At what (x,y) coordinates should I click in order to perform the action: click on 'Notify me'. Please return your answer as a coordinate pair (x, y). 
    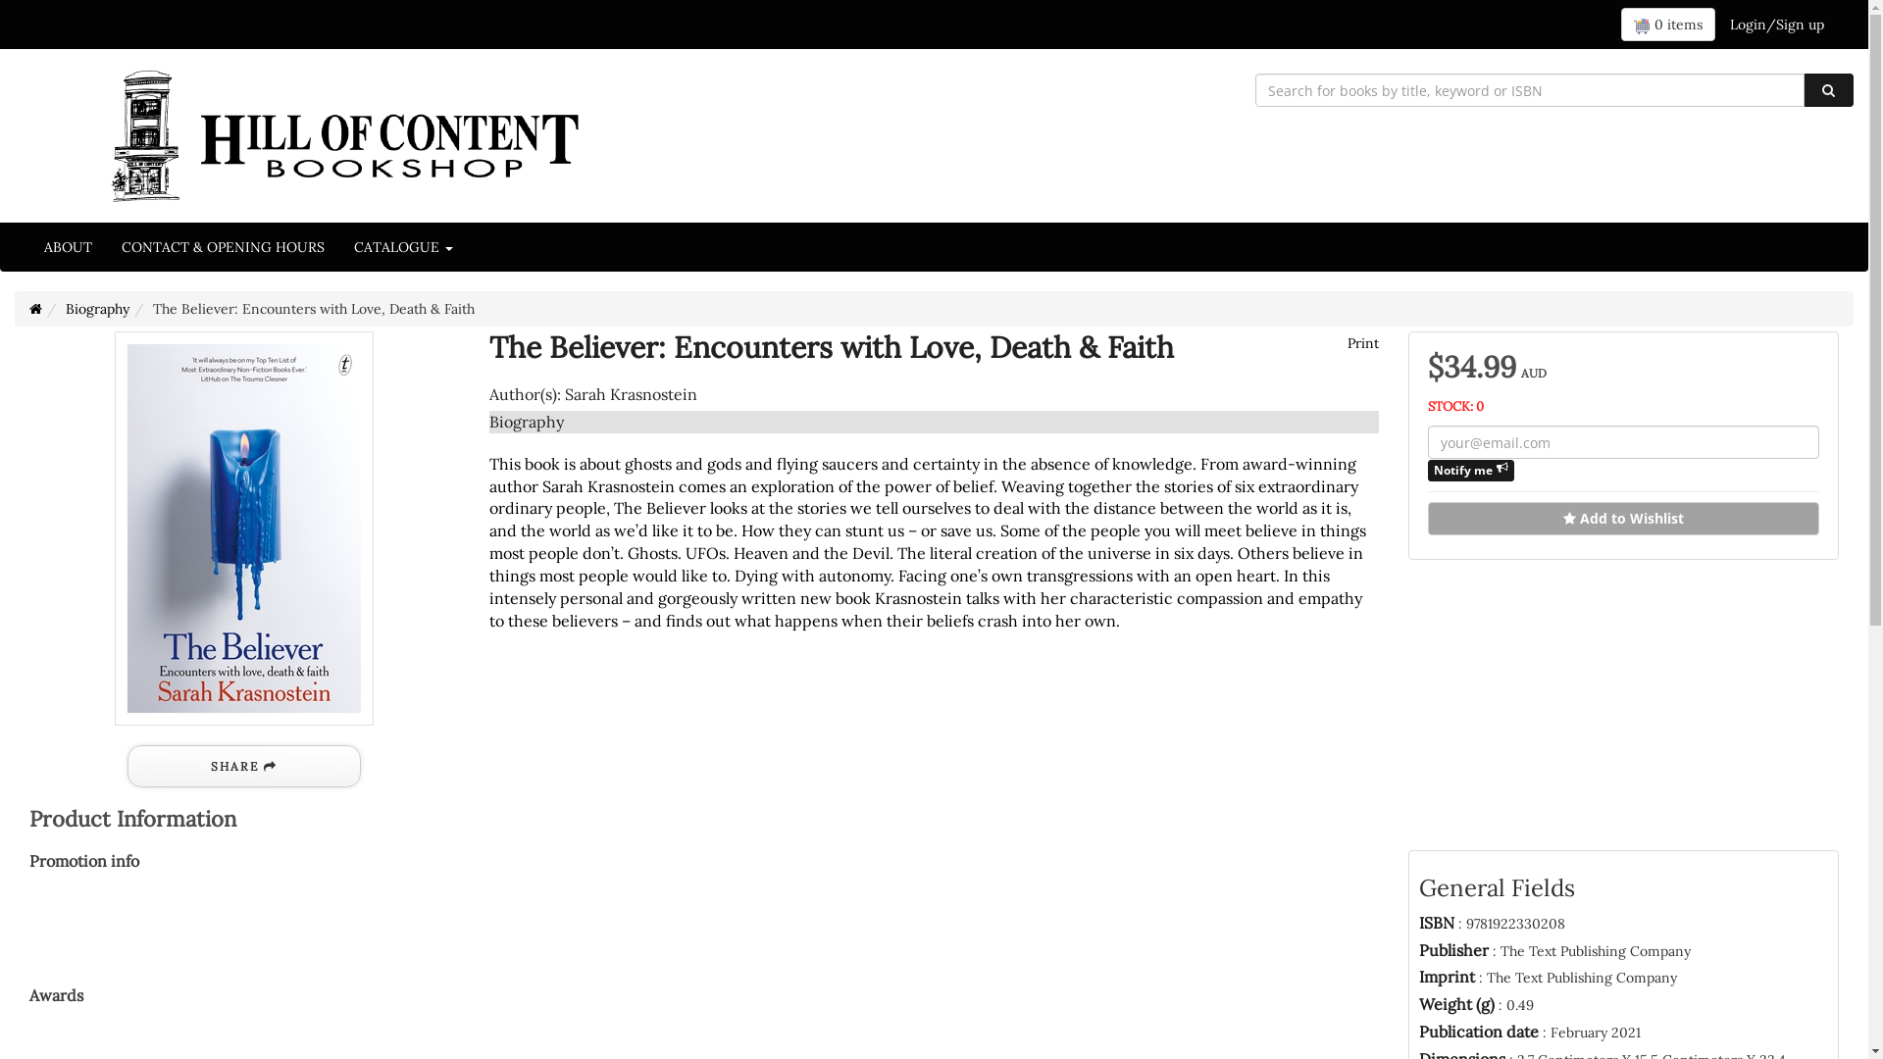
    Looking at the image, I should click on (1427, 470).